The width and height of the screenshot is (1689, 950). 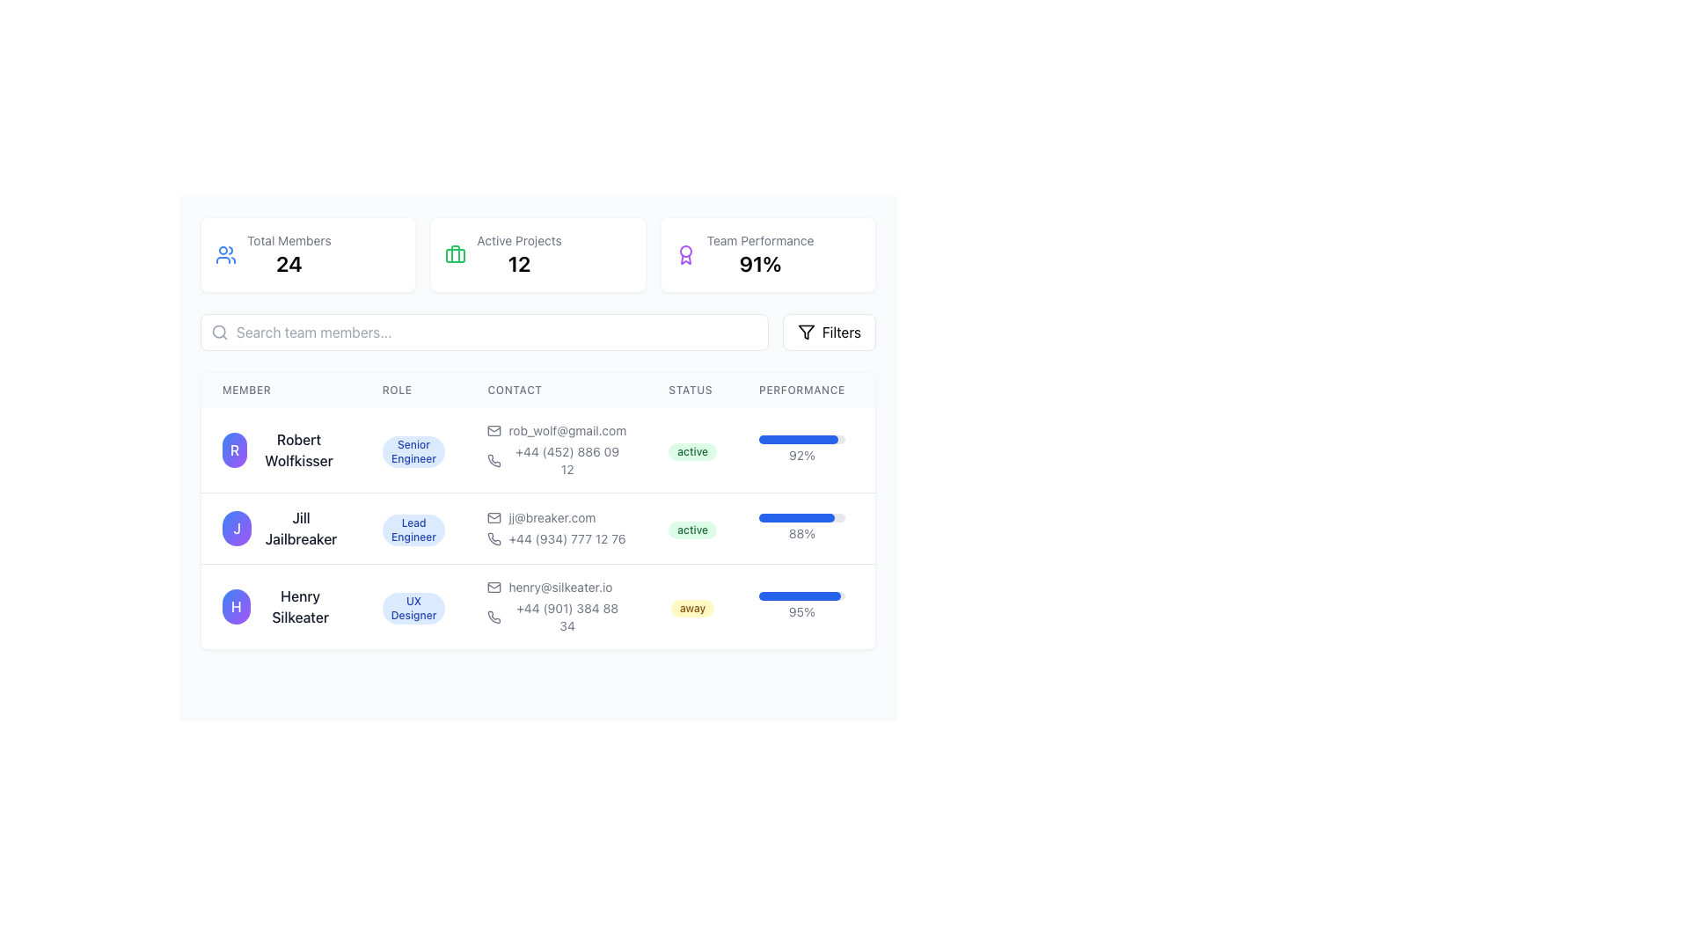 I want to click on the Text Display element that shows '91%' under the label 'Team Performance' in the top-right portion of the interface, so click(x=760, y=264).